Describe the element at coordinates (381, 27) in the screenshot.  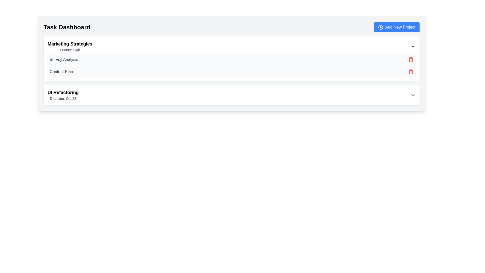
I see `the circular add icon with a plus sign, located just to the left of the 'Add New Project' text` at that location.